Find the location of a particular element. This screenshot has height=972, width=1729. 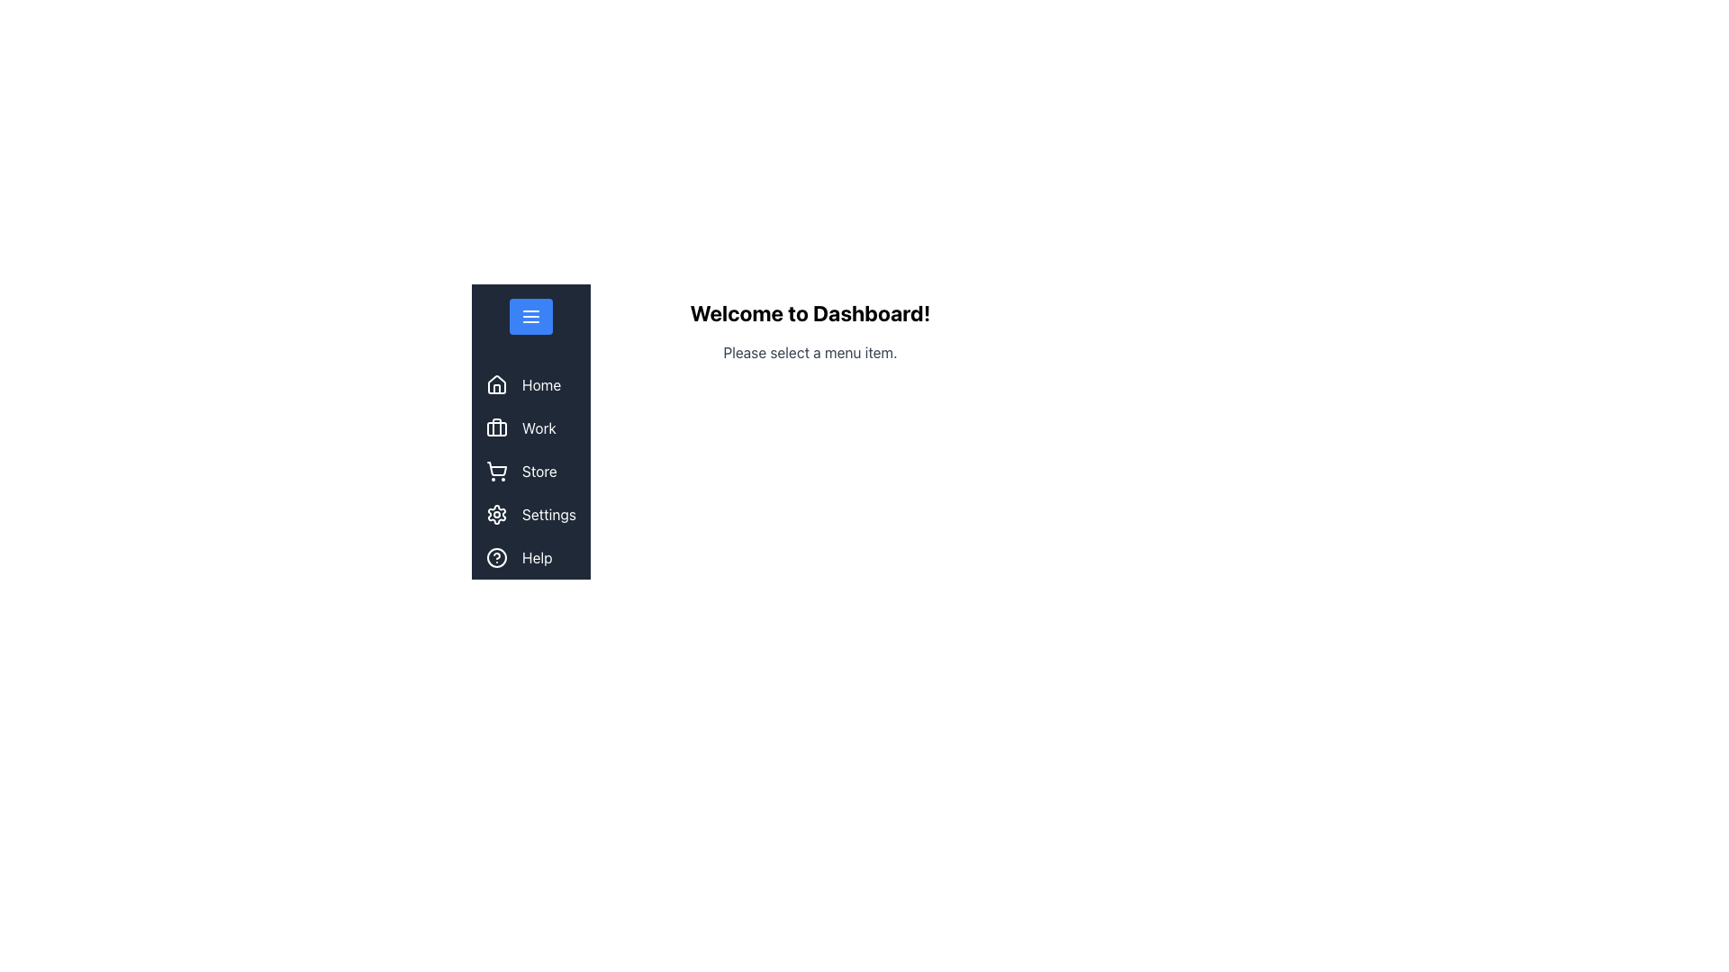

the minimalist house icon located in the 'Home' menu item at the top of the vertical navigation bar is located at coordinates (497, 384).